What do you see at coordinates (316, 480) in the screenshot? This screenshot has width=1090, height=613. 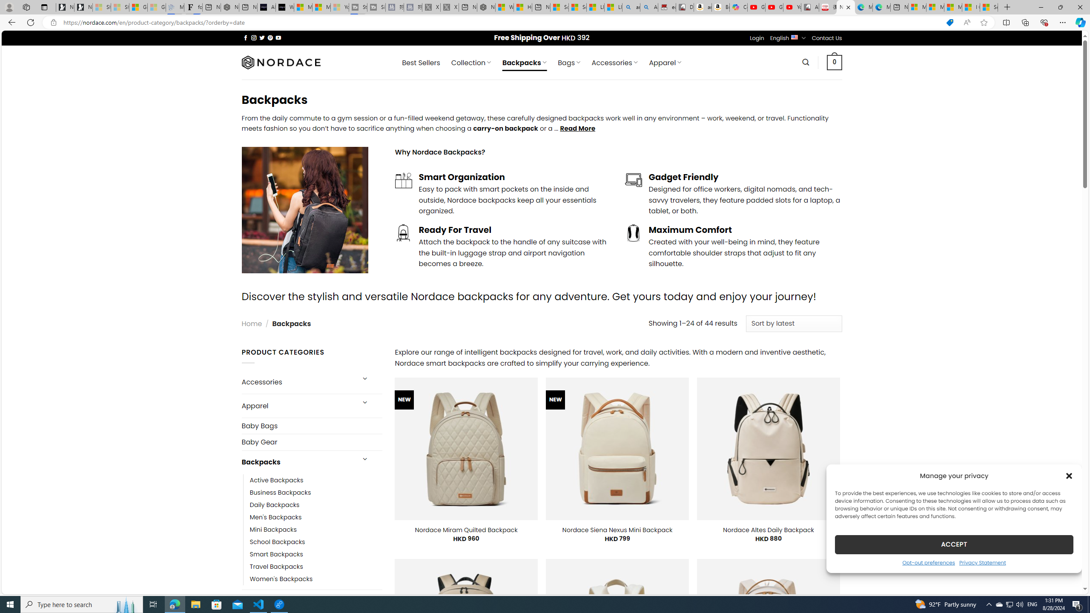 I see `'Active Backpacks'` at bounding box center [316, 480].